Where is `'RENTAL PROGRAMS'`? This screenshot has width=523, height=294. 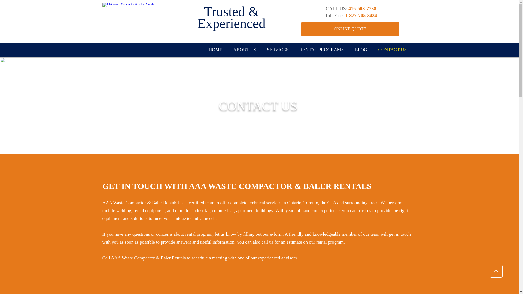
'RENTAL PROGRAMS' is located at coordinates (321, 50).